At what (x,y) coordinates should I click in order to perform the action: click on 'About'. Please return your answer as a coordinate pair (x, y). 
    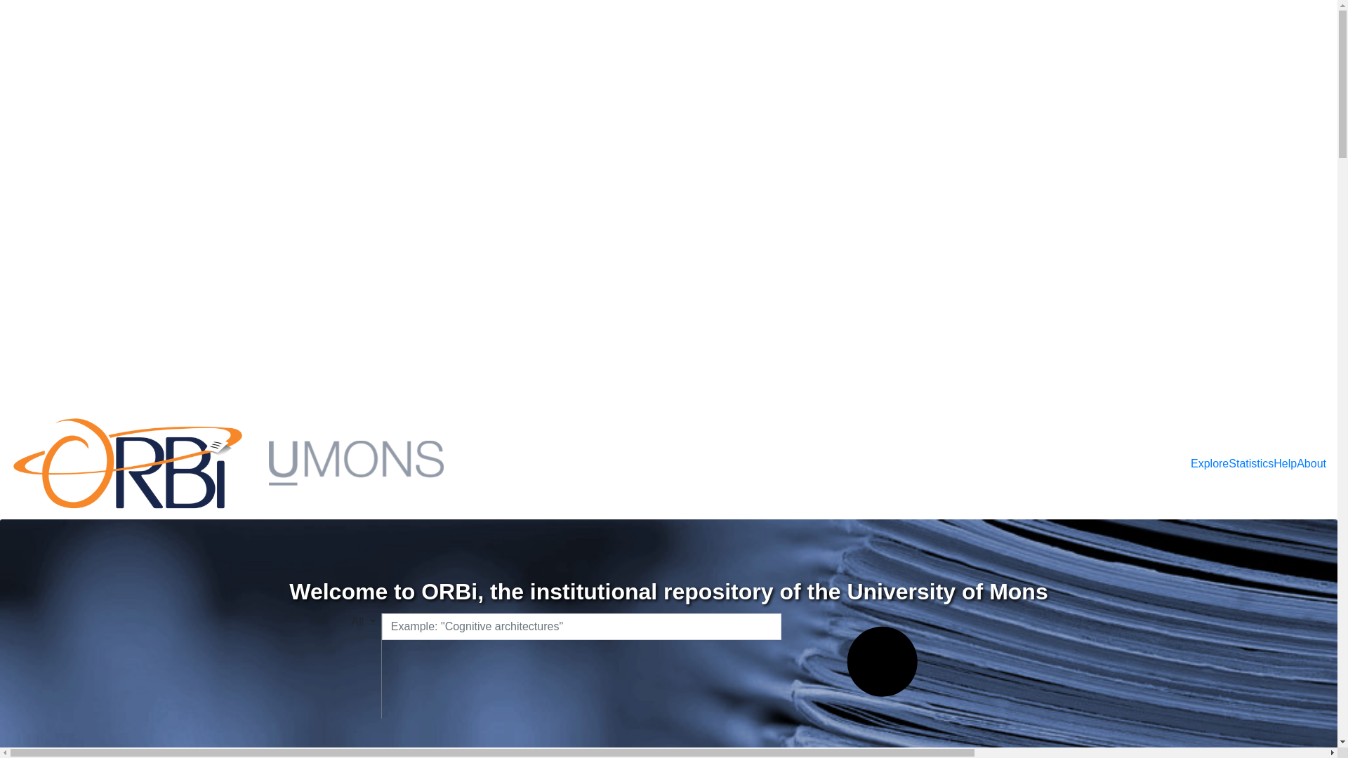
    Looking at the image, I should click on (1296, 463).